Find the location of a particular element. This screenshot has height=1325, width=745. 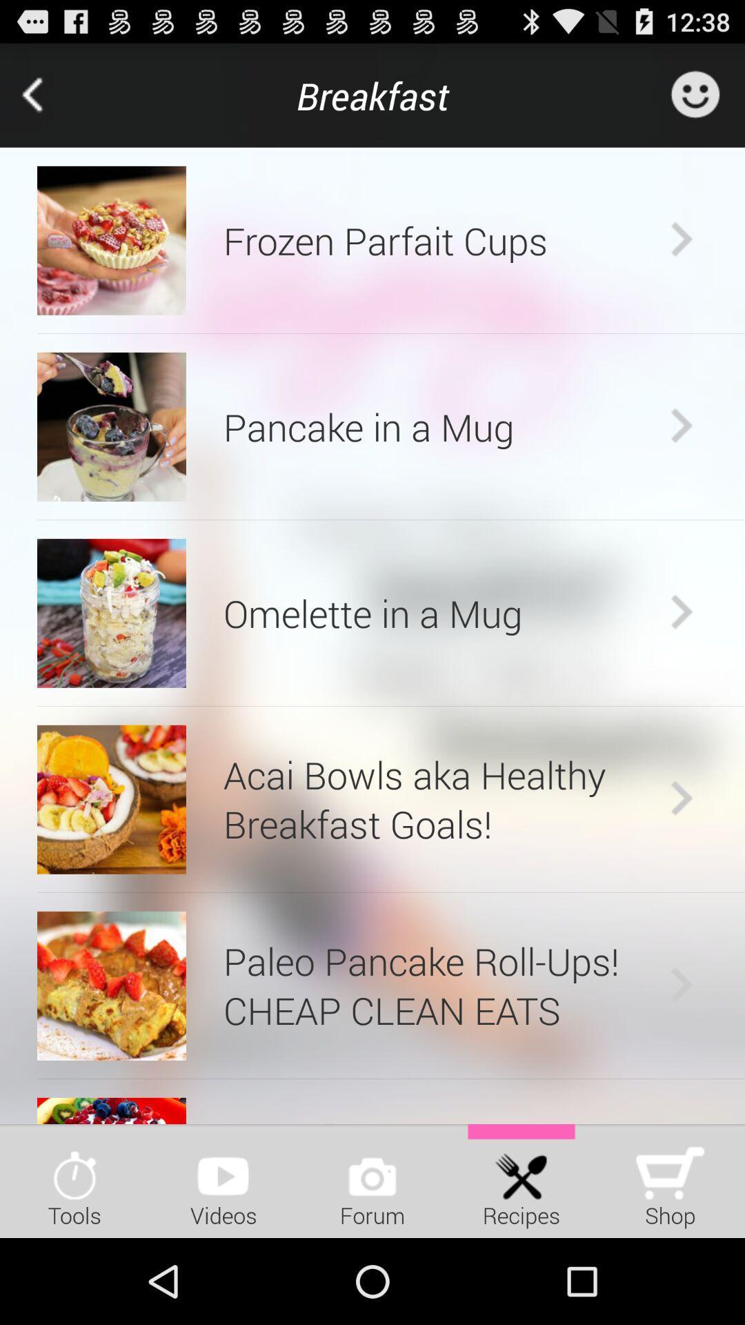

the icon above frozen parfait cups app is located at coordinates (372, 95).